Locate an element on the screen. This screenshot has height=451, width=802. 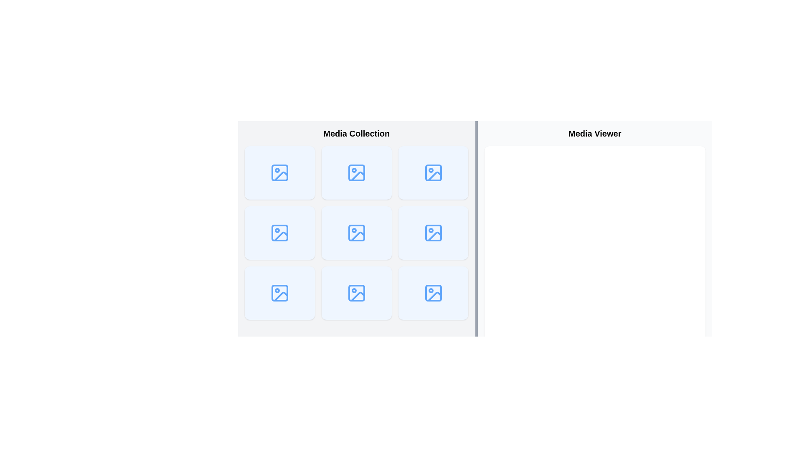
the interactive media tile with a light blue background and rounded corners located in the second column of the first row under 'Media Collection' is located at coordinates (356, 172).